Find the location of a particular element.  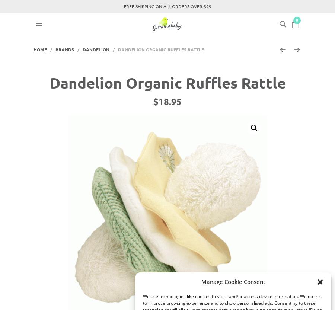

'dandelion' is located at coordinates (96, 49).